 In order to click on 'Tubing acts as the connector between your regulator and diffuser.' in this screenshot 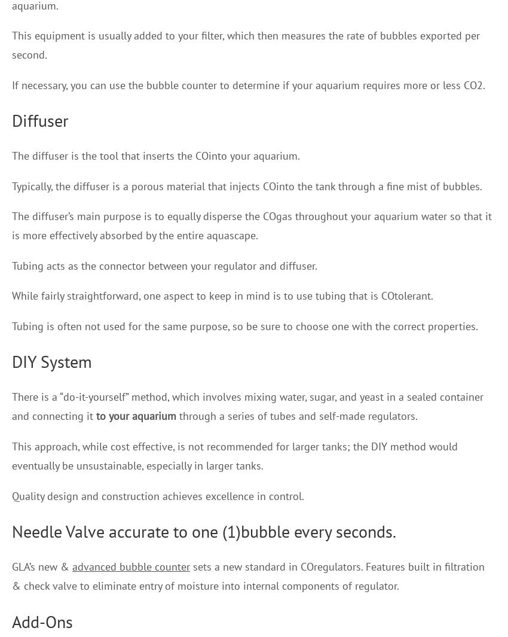, I will do `click(11, 264)`.